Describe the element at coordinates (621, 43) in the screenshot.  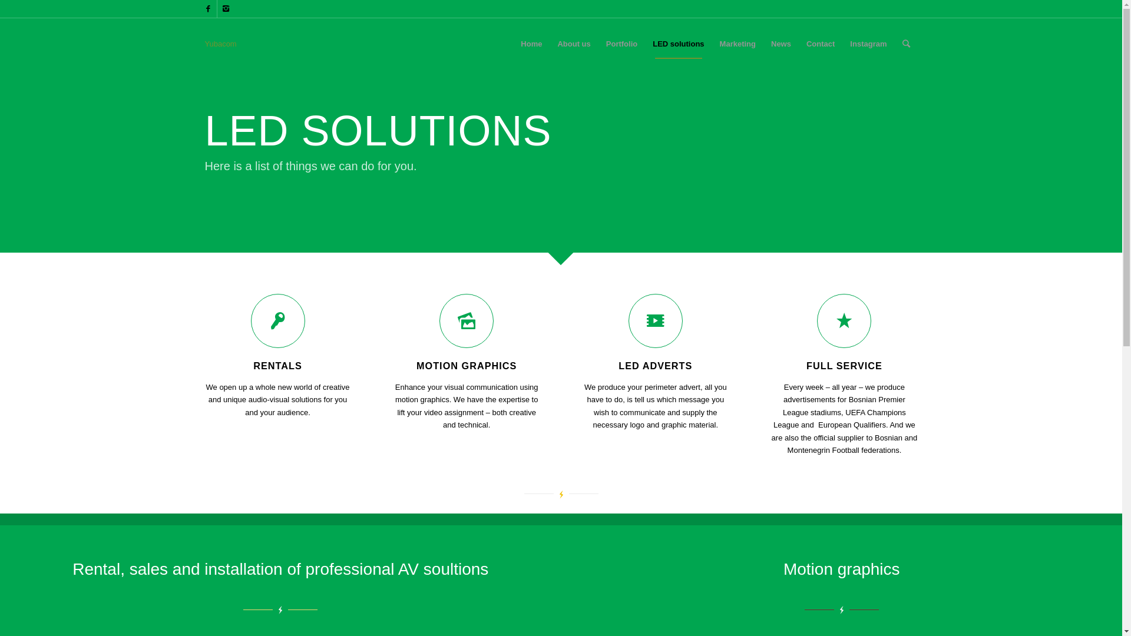
I see `'Portfolio'` at that location.